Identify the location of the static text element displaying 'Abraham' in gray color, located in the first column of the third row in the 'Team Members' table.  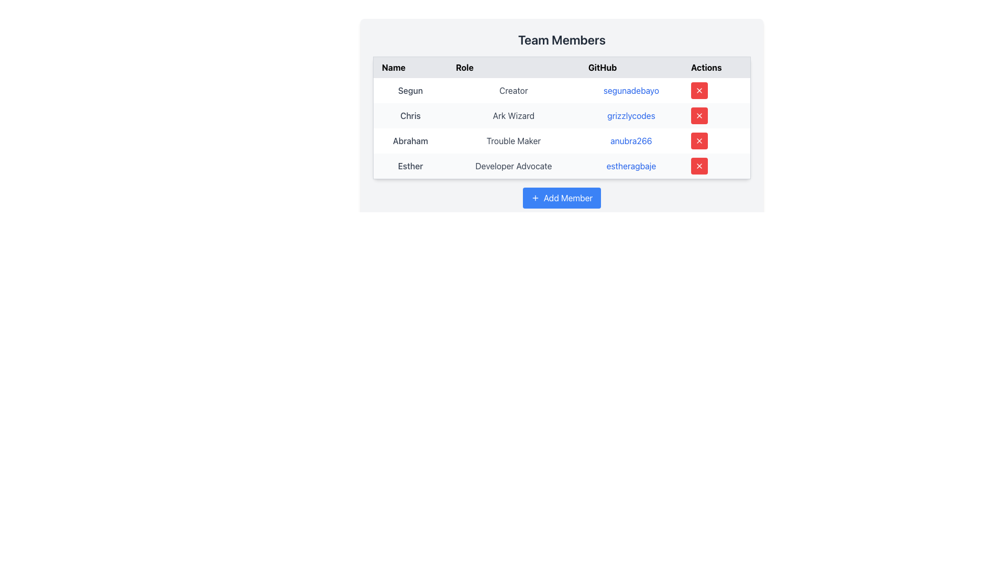
(410, 140).